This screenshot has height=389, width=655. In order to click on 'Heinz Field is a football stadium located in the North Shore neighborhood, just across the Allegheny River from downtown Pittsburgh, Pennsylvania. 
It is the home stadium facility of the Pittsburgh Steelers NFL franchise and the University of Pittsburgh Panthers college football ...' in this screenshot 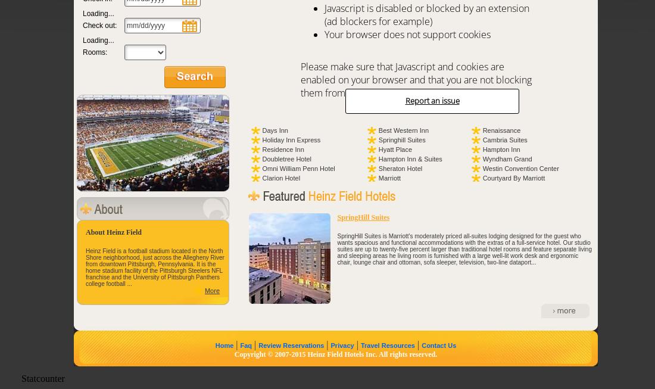, I will do `click(85, 267)`.